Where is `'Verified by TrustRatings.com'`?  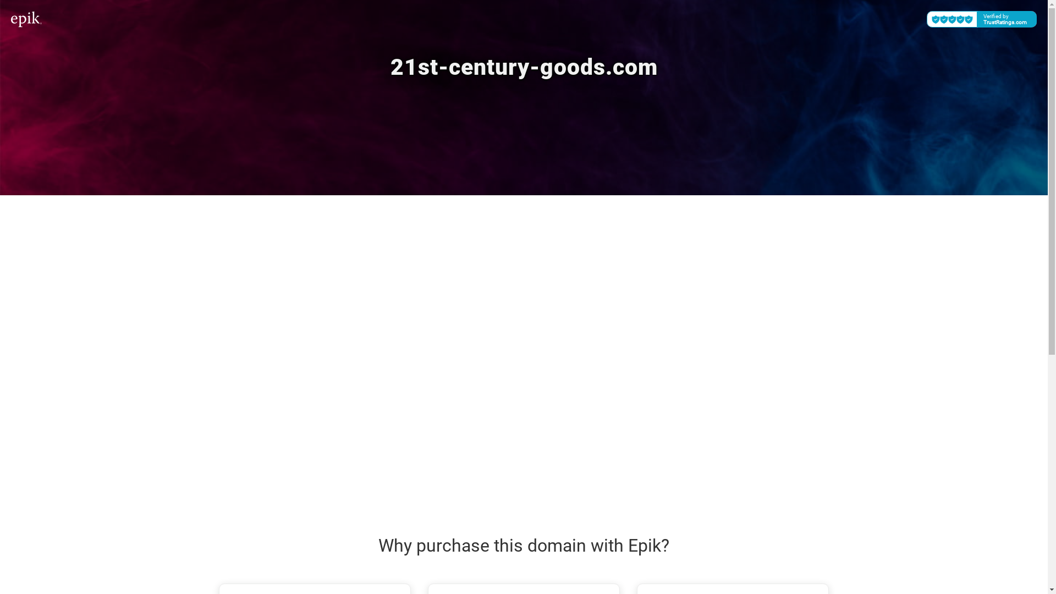
'Verified by TrustRatings.com' is located at coordinates (982, 19).